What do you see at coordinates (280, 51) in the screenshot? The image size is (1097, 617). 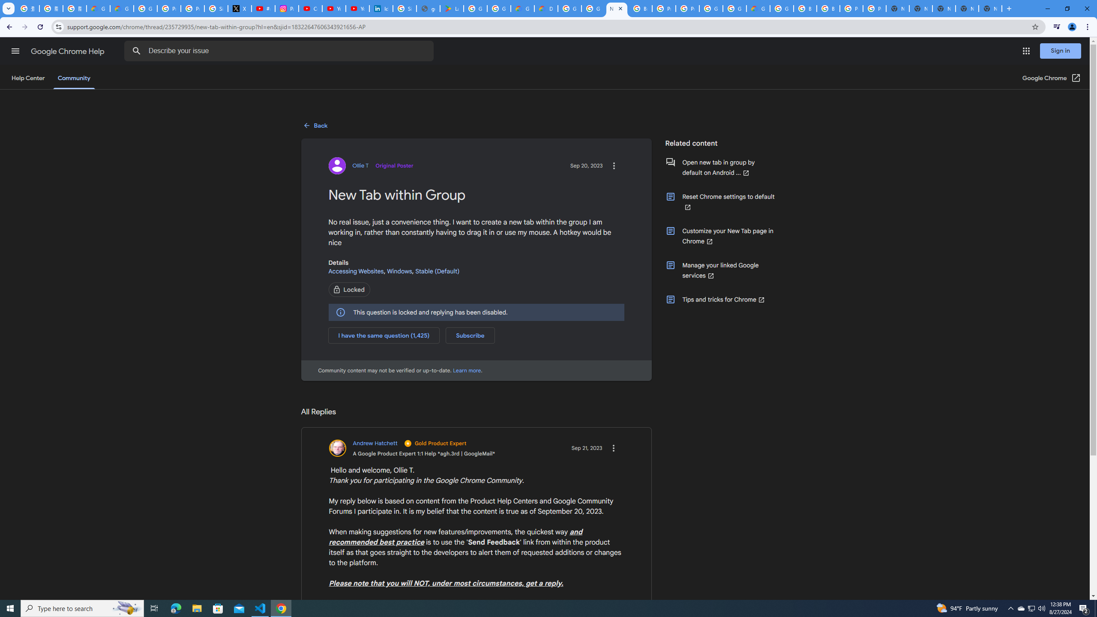 I see `'Describe your issue'` at bounding box center [280, 51].